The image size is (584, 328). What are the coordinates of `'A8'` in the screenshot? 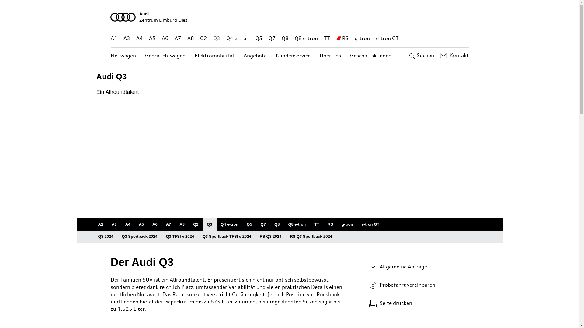 It's located at (182, 224).